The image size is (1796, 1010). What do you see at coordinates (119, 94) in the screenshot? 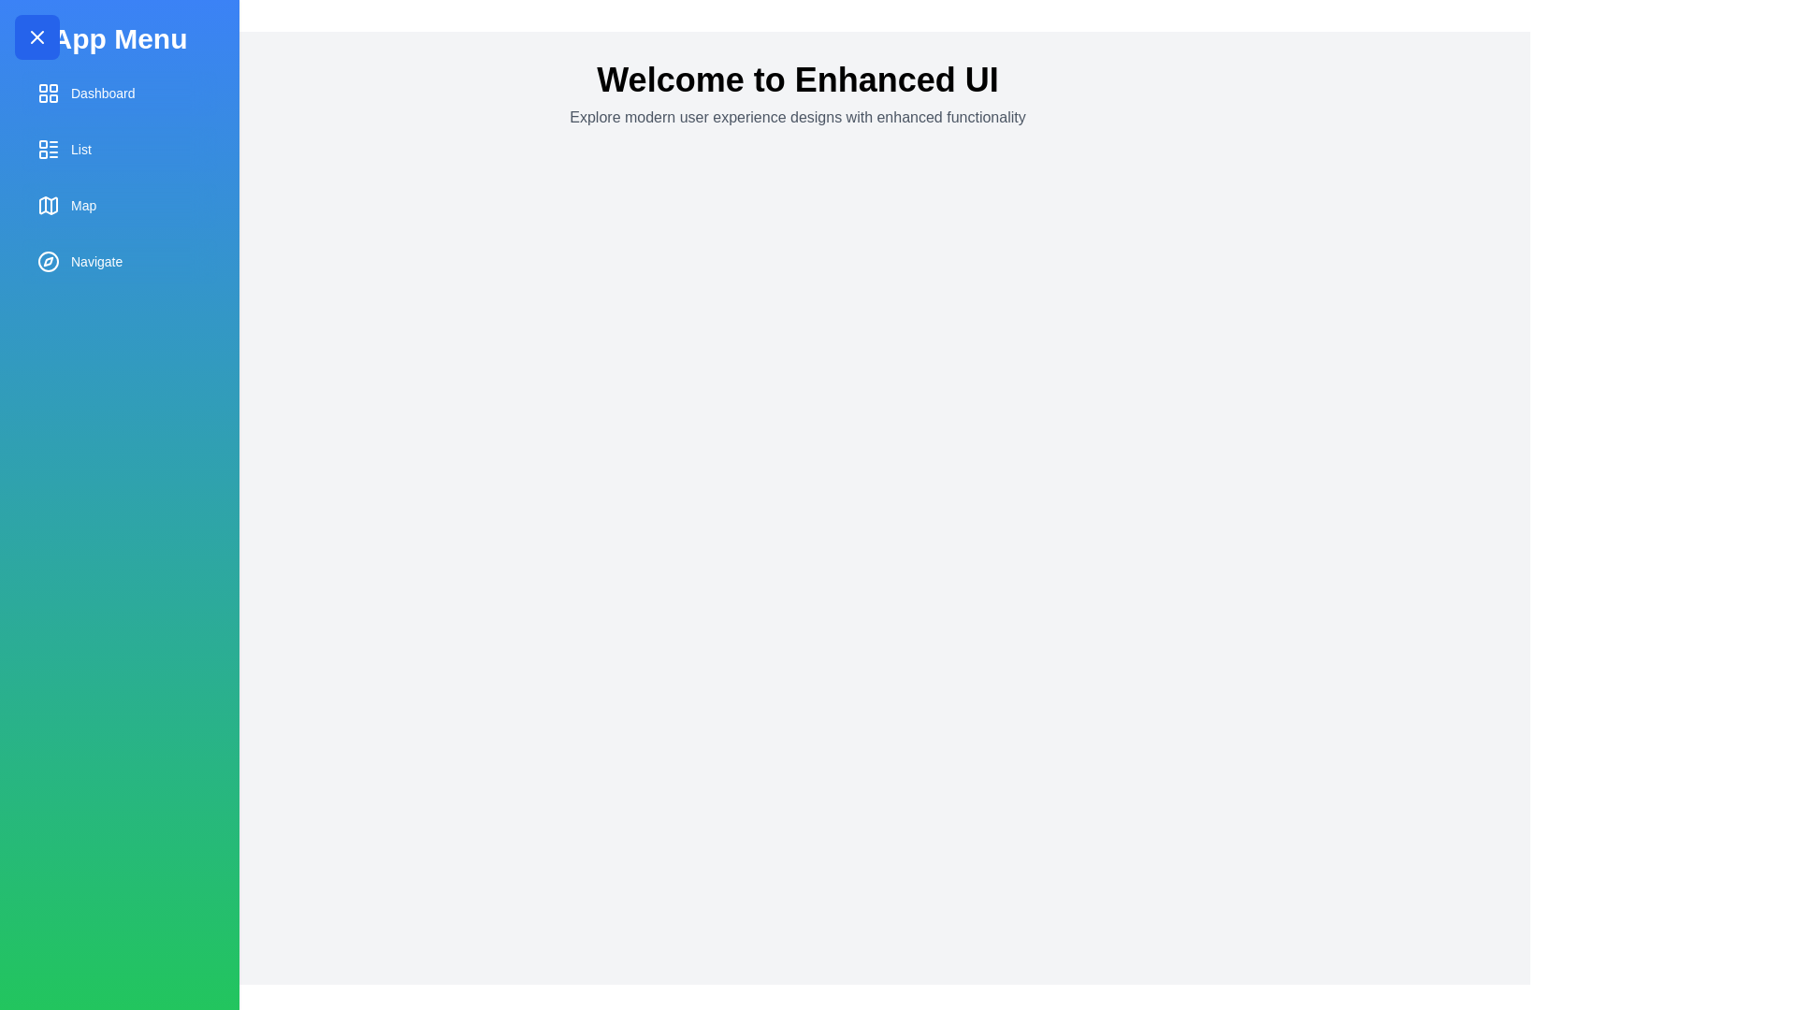
I see `the menu item Dashboard to observe its hover effect` at bounding box center [119, 94].